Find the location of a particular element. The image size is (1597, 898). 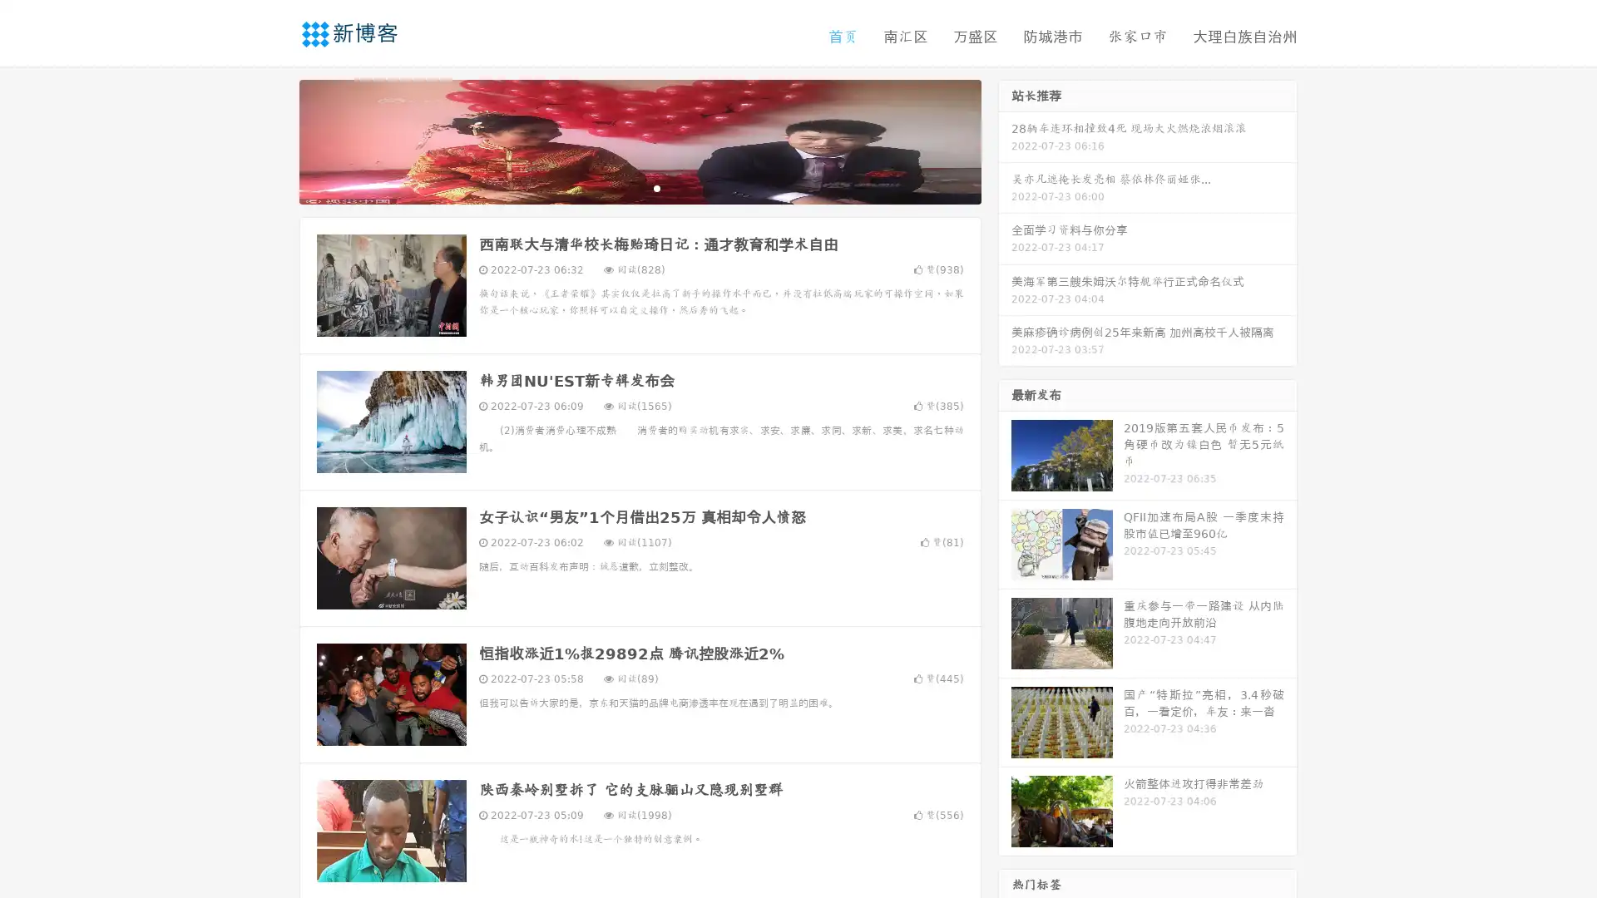

Go to slide 1 is located at coordinates (622, 187).